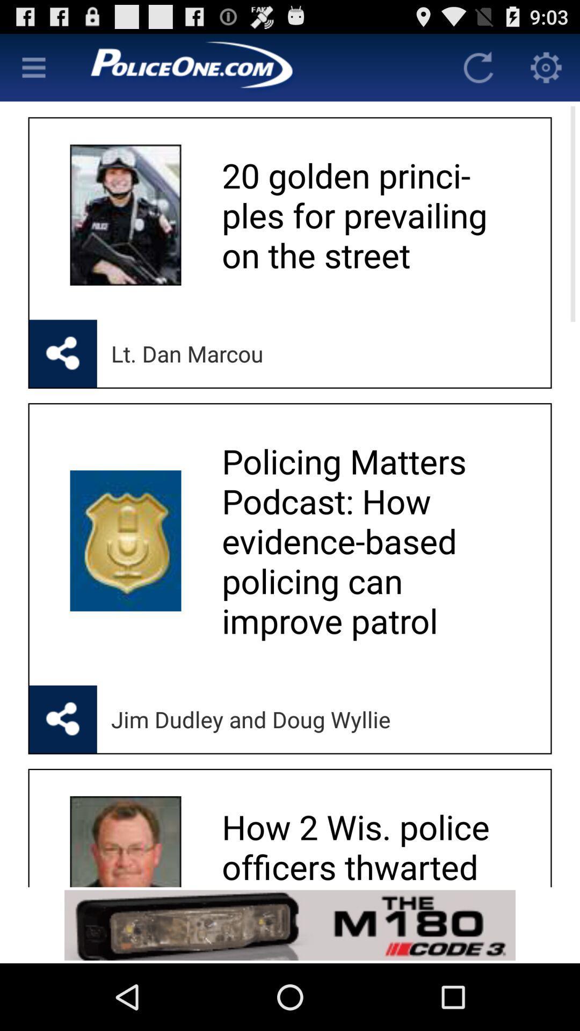 Image resolution: width=580 pixels, height=1031 pixels. I want to click on app brand, so click(256, 67).